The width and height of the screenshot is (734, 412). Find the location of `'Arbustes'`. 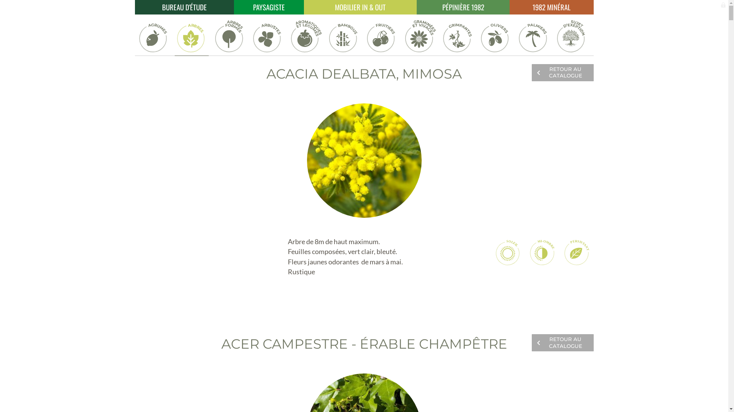

'Arbustes' is located at coordinates (268, 37).